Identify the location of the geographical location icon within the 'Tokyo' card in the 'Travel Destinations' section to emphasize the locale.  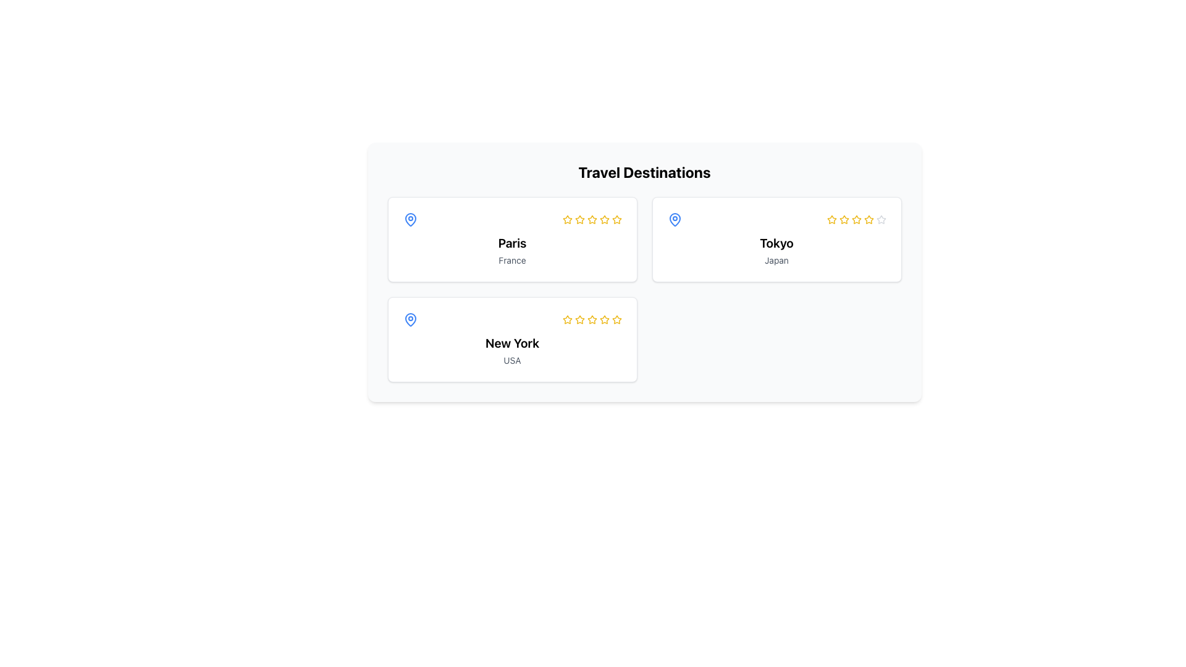
(674, 219).